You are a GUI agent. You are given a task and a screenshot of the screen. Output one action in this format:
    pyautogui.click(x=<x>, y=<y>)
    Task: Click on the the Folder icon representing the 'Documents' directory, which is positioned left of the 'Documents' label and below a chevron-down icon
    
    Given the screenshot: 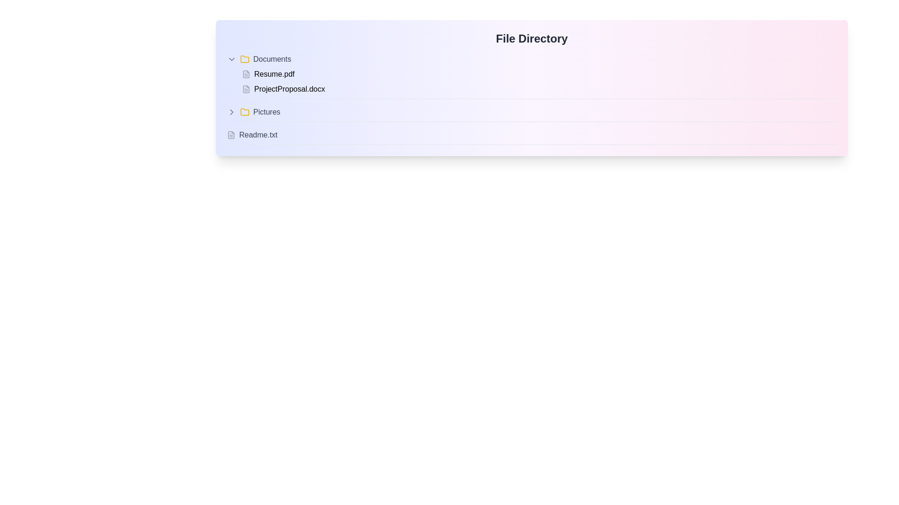 What is the action you would take?
    pyautogui.click(x=245, y=59)
    